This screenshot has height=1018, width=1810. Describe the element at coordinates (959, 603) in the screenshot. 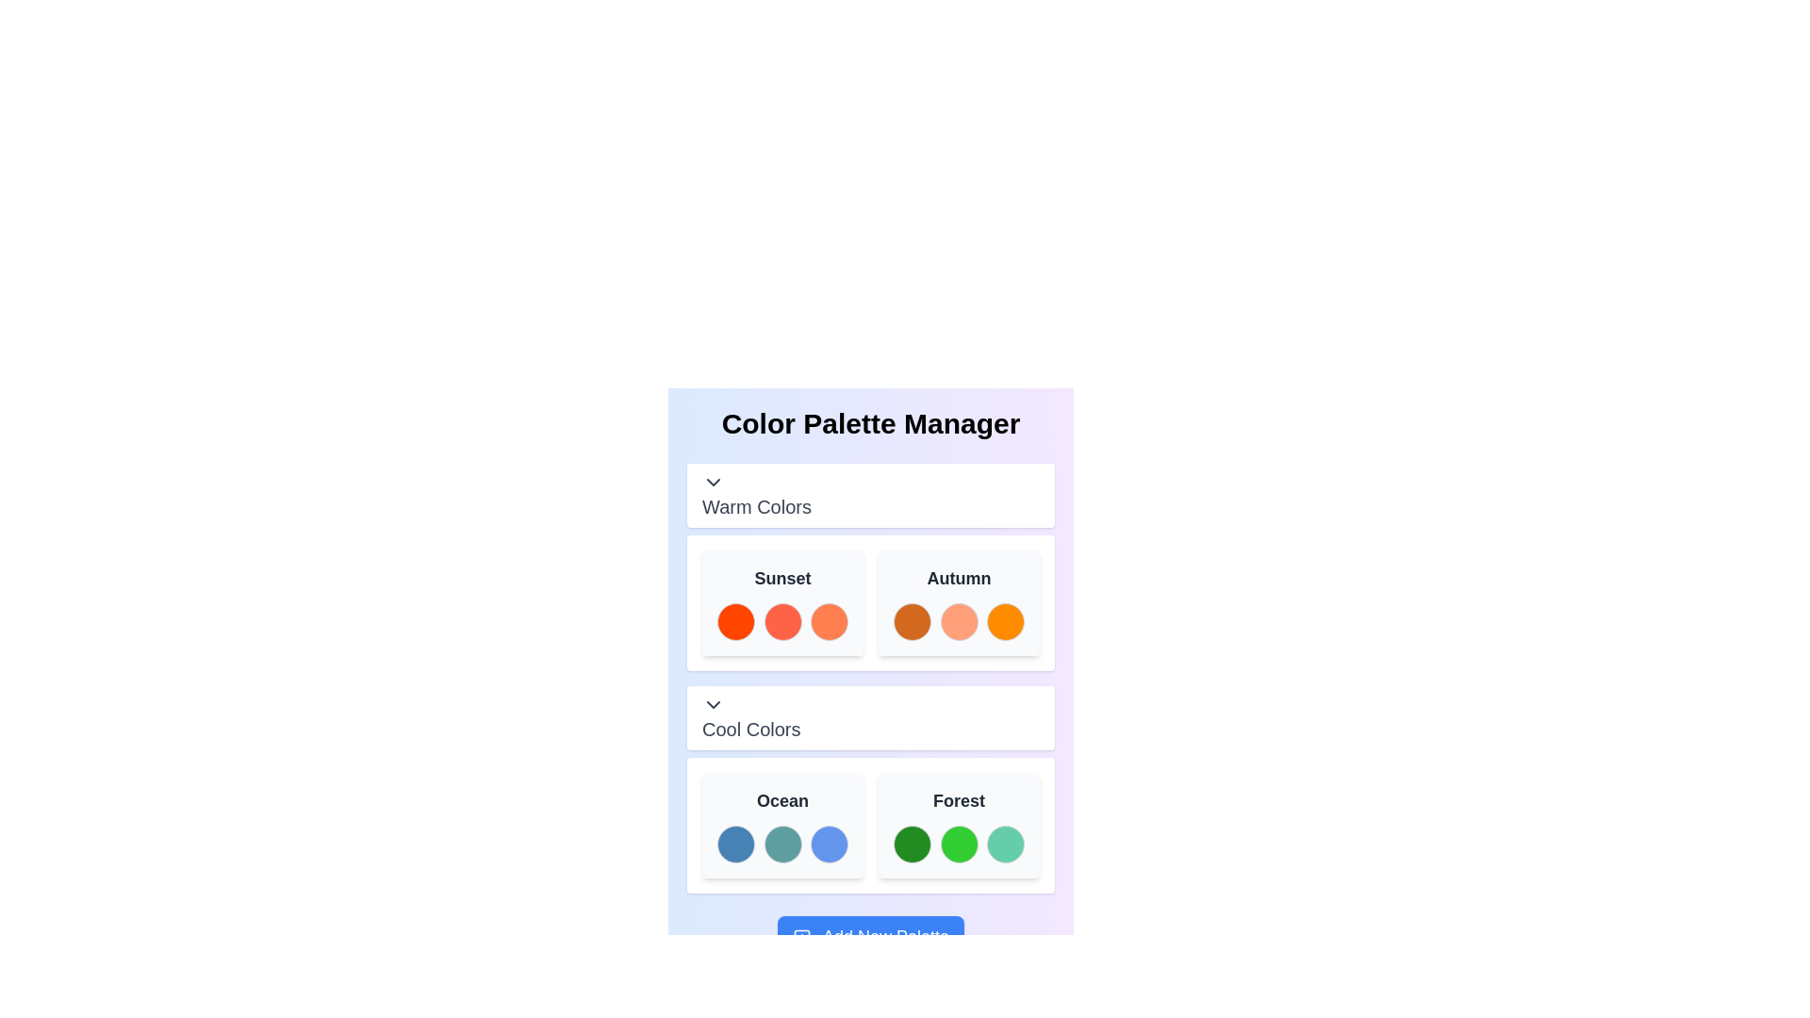

I see `the 'Autumn' color palette tile located in the lower right corner of the 'Warm Colors' group for reordering within the interface` at that location.